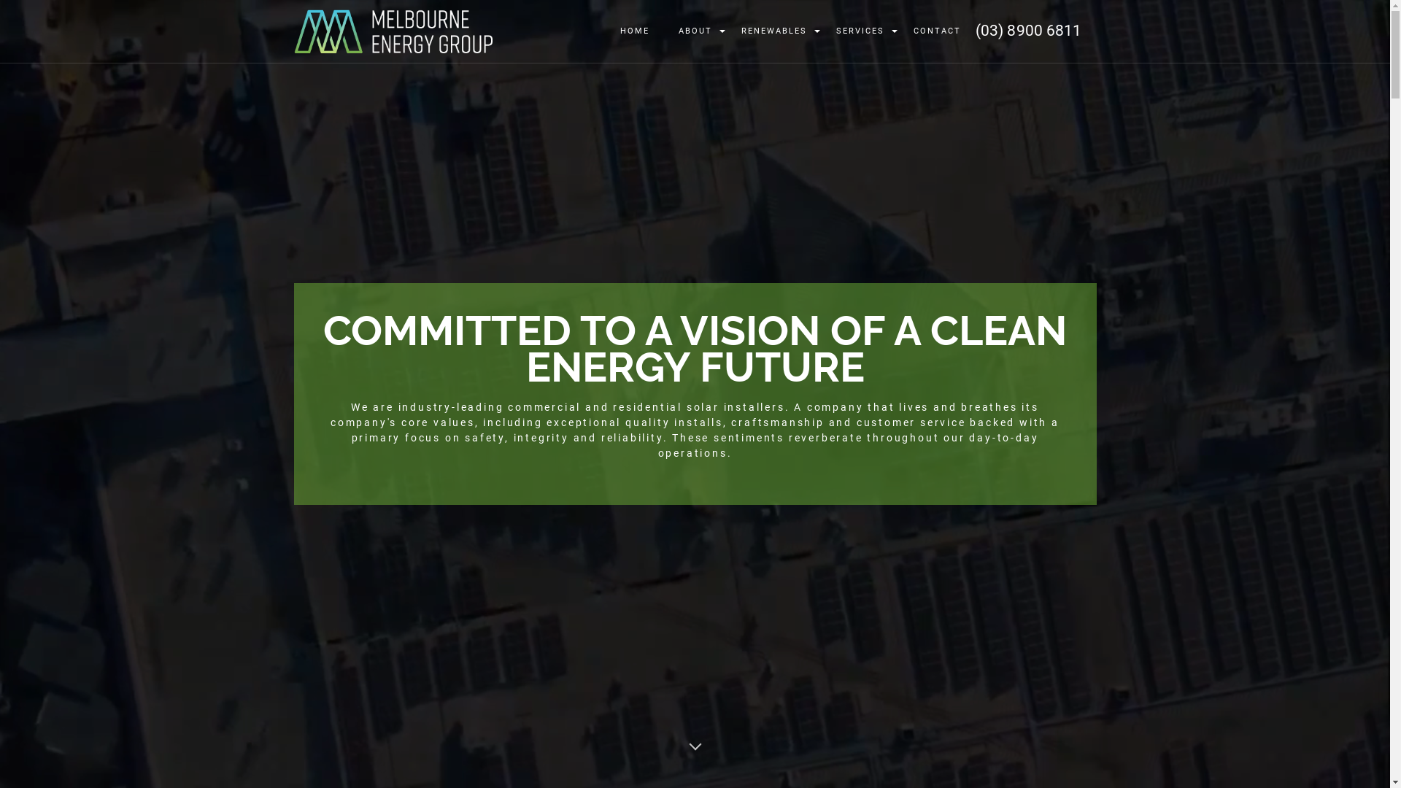 This screenshot has height=788, width=1401. Describe the element at coordinates (1035, 31) in the screenshot. I see `'(03) 8900 6811'` at that location.